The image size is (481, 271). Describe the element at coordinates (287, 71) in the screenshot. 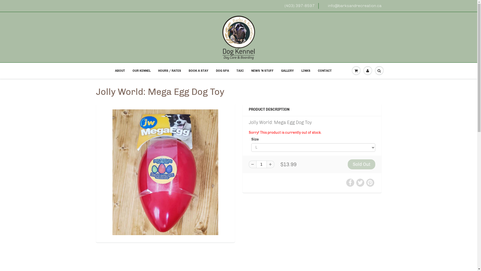

I see `'GALLERY'` at that location.